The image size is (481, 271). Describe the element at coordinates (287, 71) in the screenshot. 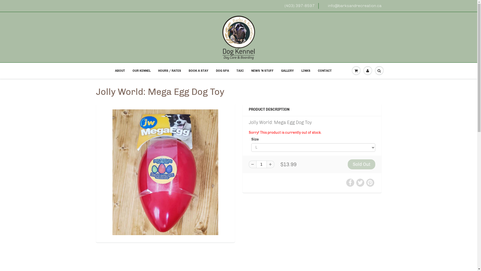

I see `'GALLERY'` at that location.